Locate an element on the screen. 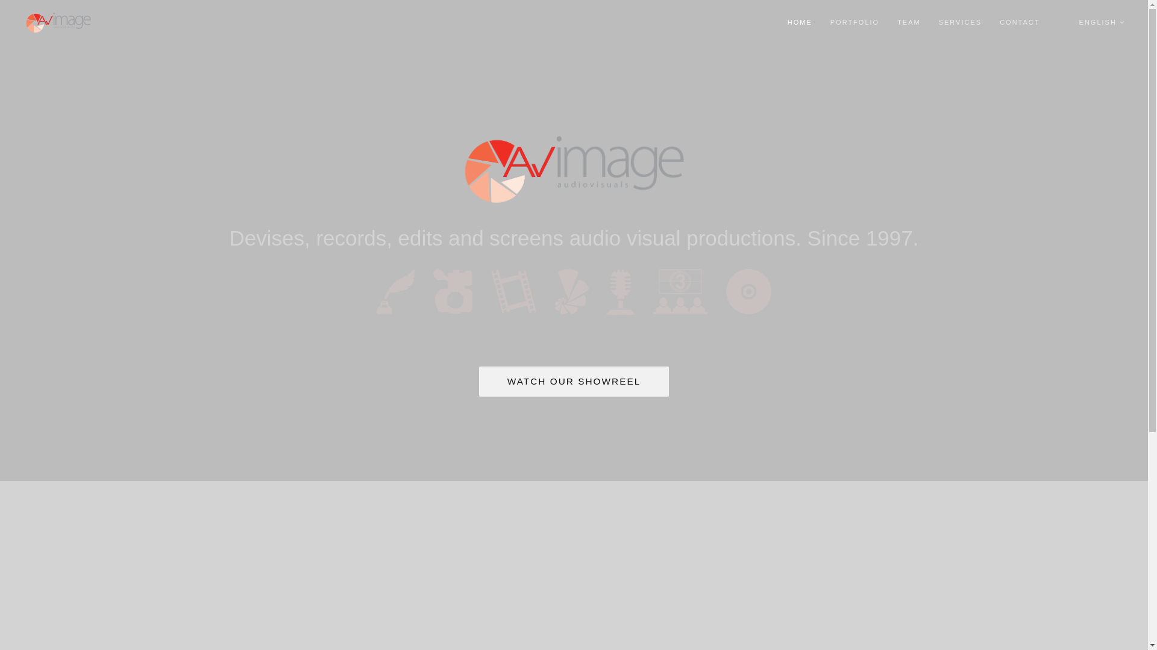 The width and height of the screenshot is (1157, 650). 'AV-image' is located at coordinates (572, 169).